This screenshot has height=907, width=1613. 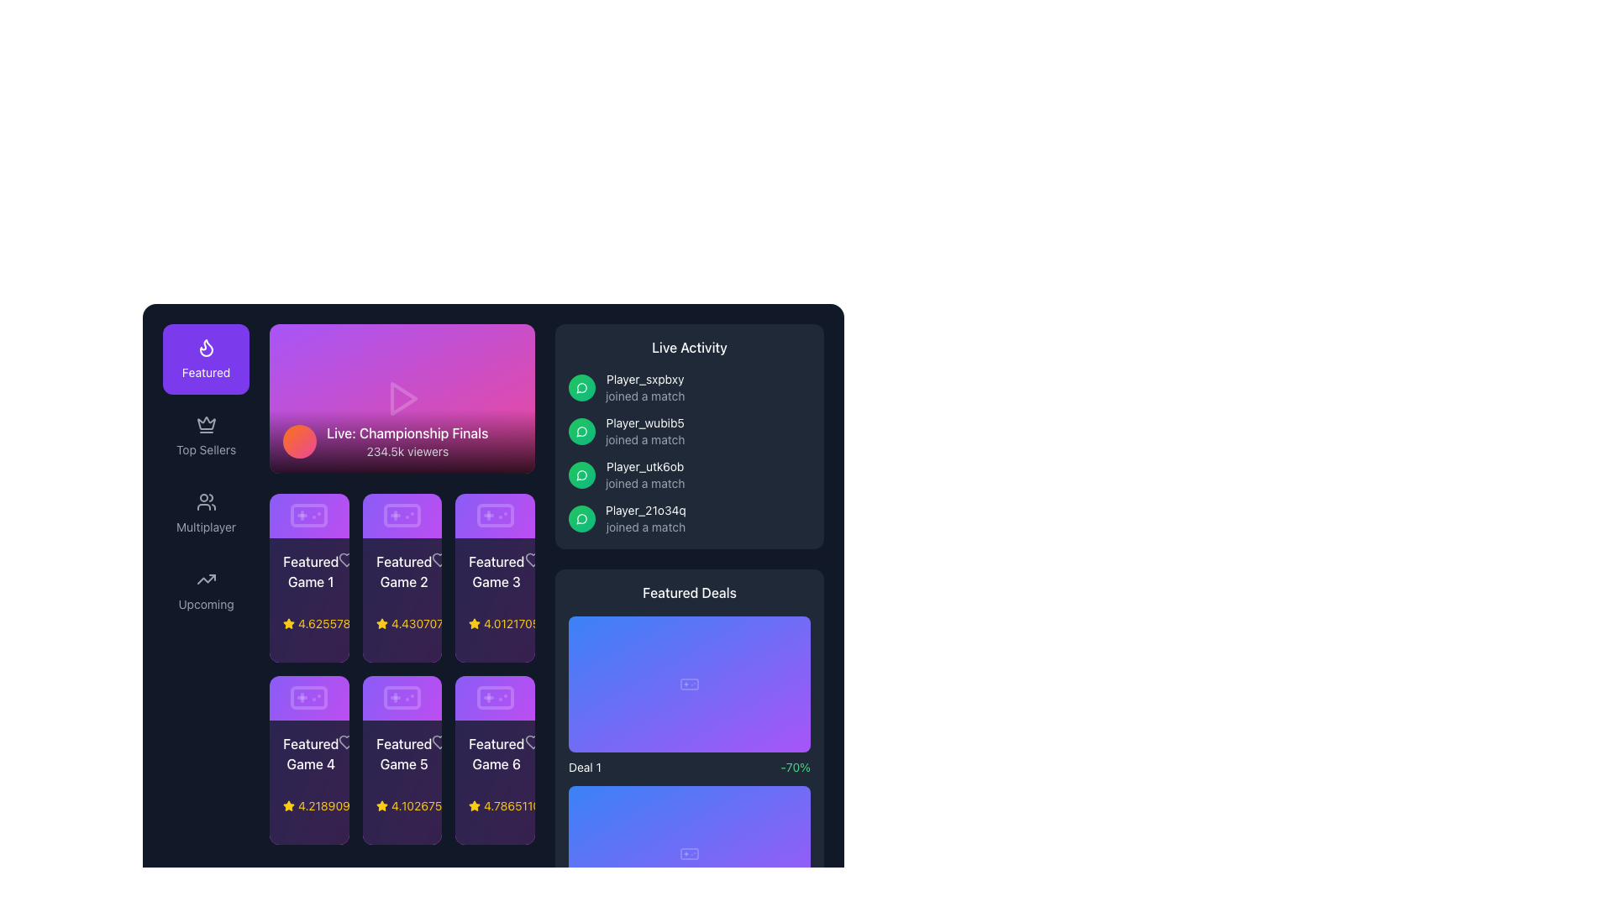 I want to click on the Text Label that provides star rating, user activity details, and pricing information for the featured game located below 'Featured Game 3.', so click(x=494, y=623).